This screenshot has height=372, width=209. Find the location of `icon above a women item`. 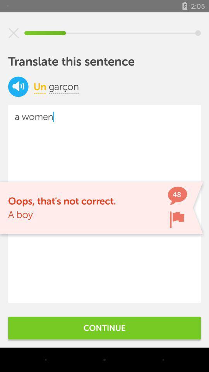

icon above a women item is located at coordinates (18, 86).